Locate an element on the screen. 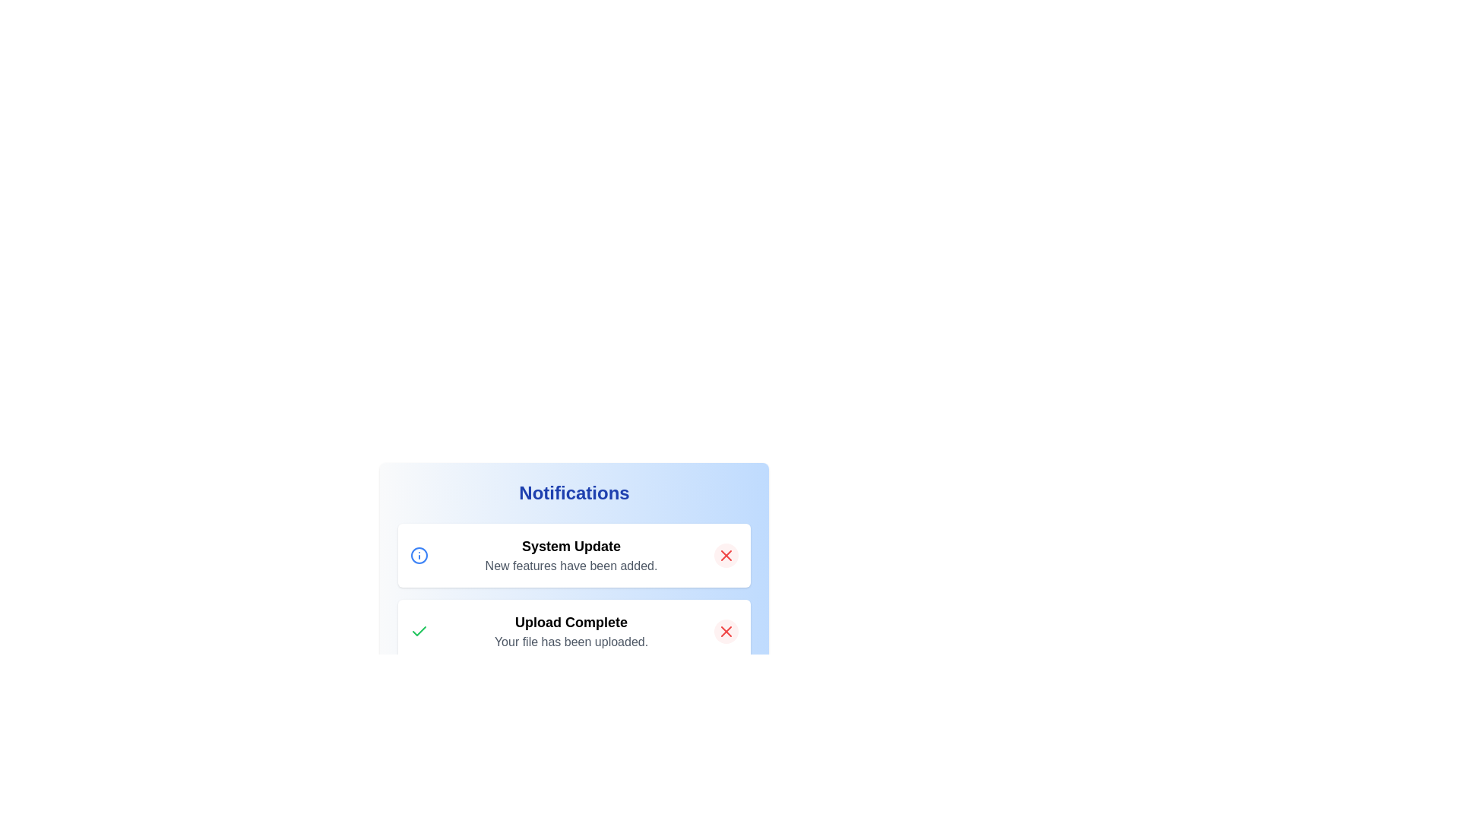 This screenshot has height=821, width=1459. the 'X' icon styled as a red line drawing within the circular red background is located at coordinates (725, 631).